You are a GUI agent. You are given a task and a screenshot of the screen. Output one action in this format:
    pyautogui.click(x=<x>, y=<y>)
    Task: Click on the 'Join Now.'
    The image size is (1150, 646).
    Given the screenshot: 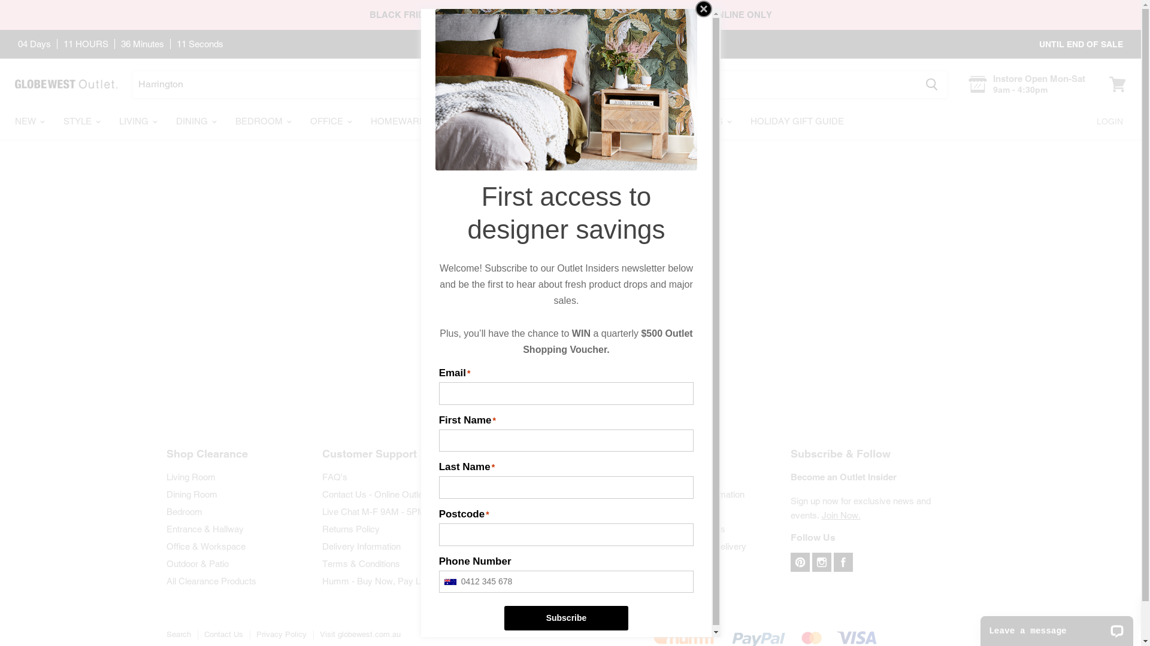 What is the action you would take?
    pyautogui.click(x=840, y=514)
    